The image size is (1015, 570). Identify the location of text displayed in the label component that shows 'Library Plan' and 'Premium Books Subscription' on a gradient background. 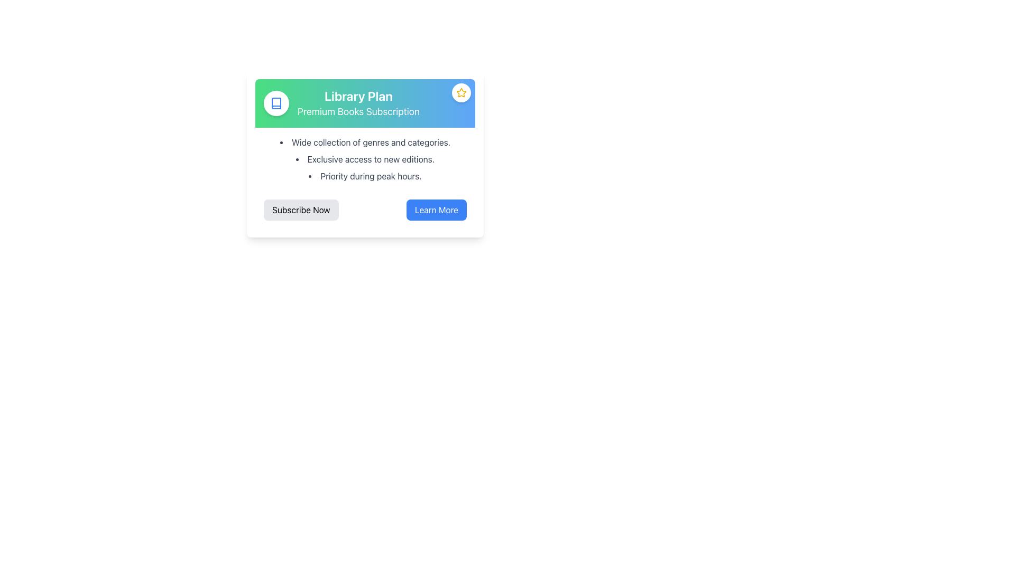
(358, 103).